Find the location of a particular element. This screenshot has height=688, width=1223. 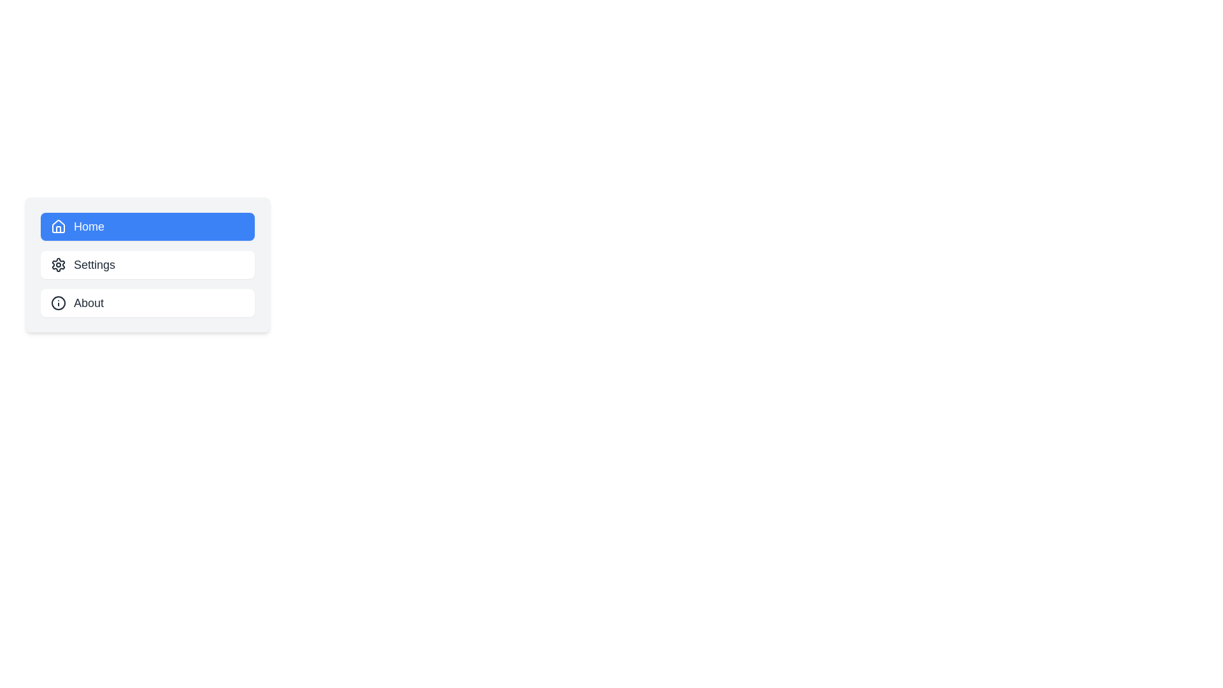

the first button in the vertical group of three buttons is located at coordinates (147, 226).